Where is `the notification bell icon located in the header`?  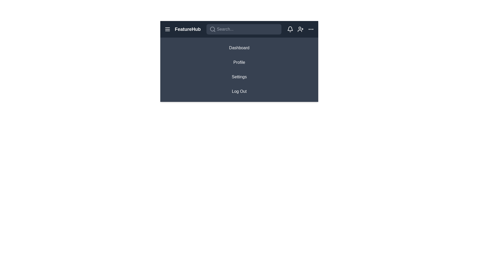 the notification bell icon located in the header is located at coordinates (290, 29).